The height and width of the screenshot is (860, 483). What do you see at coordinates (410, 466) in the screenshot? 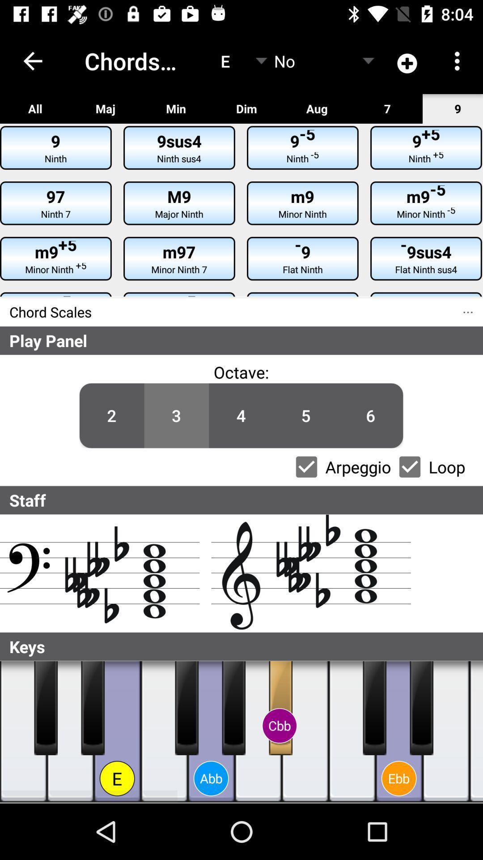
I see `the item to the left of loop icon` at bounding box center [410, 466].